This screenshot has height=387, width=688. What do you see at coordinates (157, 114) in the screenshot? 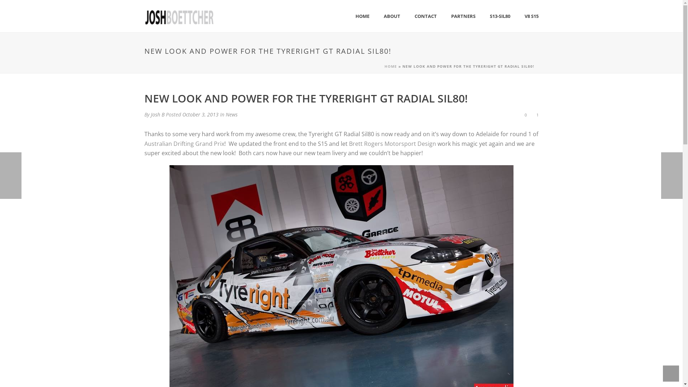
I see `'Josh B'` at bounding box center [157, 114].